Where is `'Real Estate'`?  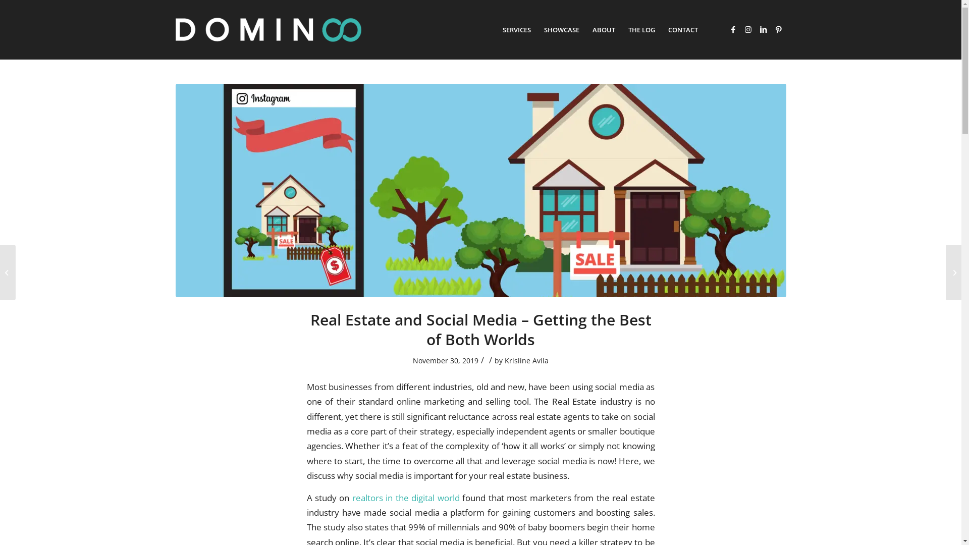
'Real Estate' is located at coordinates (480, 190).